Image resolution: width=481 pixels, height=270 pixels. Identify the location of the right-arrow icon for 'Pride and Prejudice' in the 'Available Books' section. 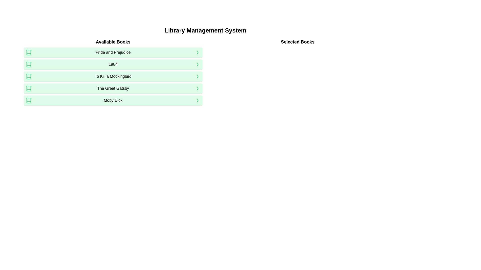
(197, 52).